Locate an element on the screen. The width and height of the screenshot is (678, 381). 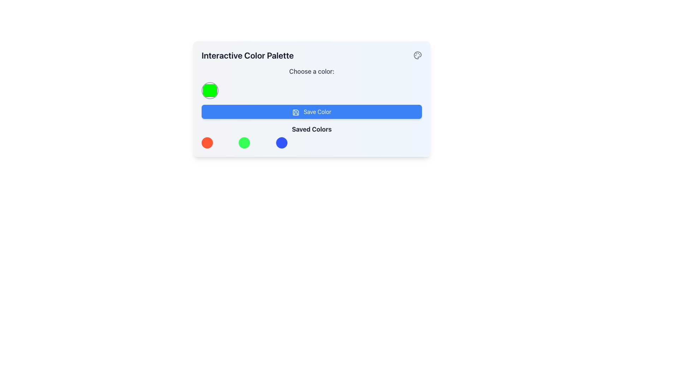
text that serves as the title of the color palette panel, located near the top of the card-like panel in the upper-left corner is located at coordinates (248, 55).